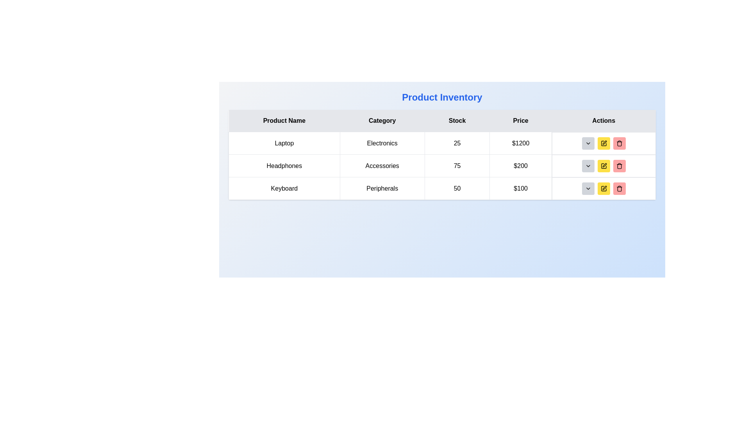 Image resolution: width=750 pixels, height=421 pixels. Describe the element at coordinates (521, 143) in the screenshot. I see `the Text label displaying the price of '$1200' in black font, located in the fourth column of the first row of the table under the 'Price' column` at that location.